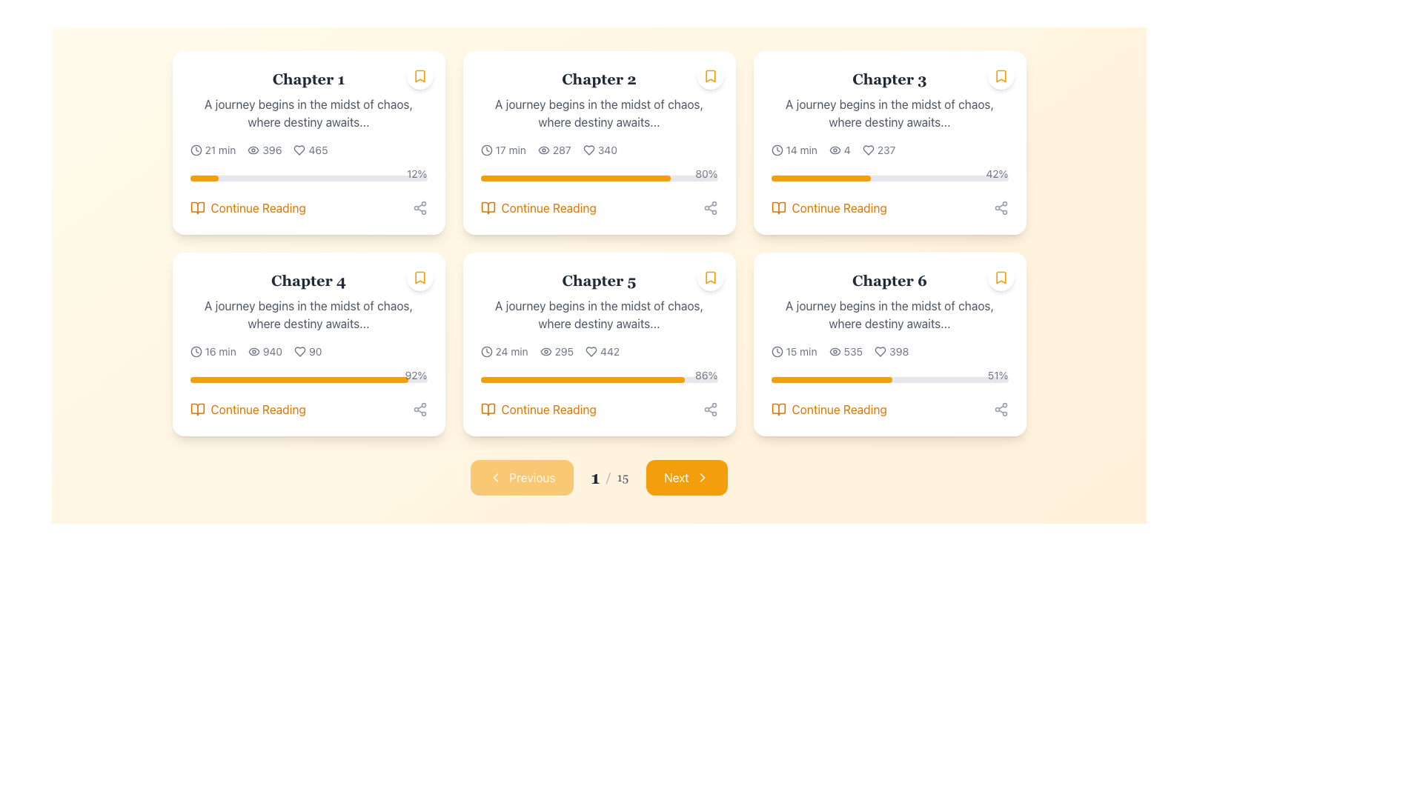 The width and height of the screenshot is (1423, 800). What do you see at coordinates (880, 351) in the screenshot?
I see `the 'favorite' or 'like' icon located in the bottom-right quadrant of the 'Chapter 6' card, positioned to the left of the numeric text '398'` at bounding box center [880, 351].